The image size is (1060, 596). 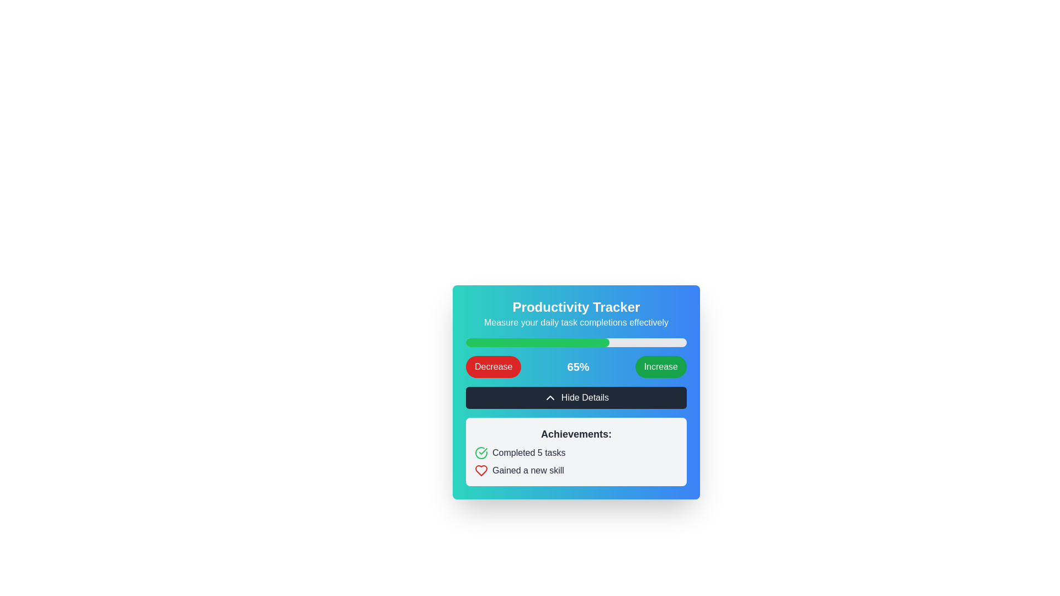 What do you see at coordinates (481, 470) in the screenshot?
I see `heart-shaped icon outlined in red with a white fill, located to the left of the text 'Gained a new skill' in the 'Achievements' section below the header 'Productivity Tracker'` at bounding box center [481, 470].